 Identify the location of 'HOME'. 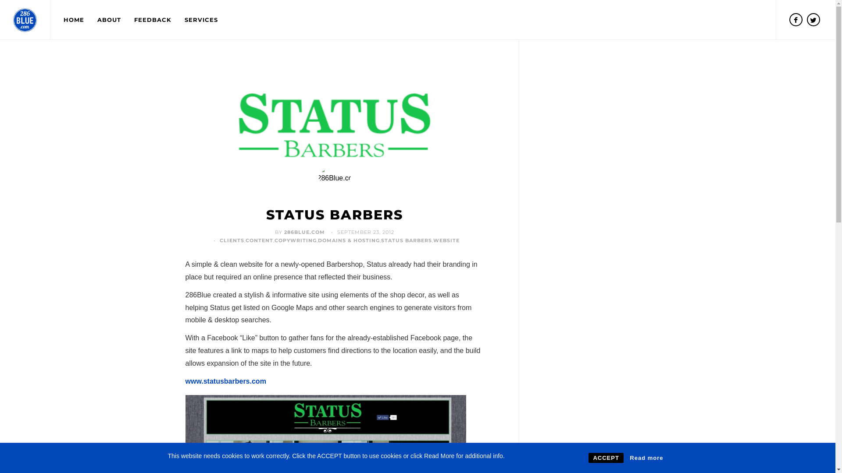
(74, 20).